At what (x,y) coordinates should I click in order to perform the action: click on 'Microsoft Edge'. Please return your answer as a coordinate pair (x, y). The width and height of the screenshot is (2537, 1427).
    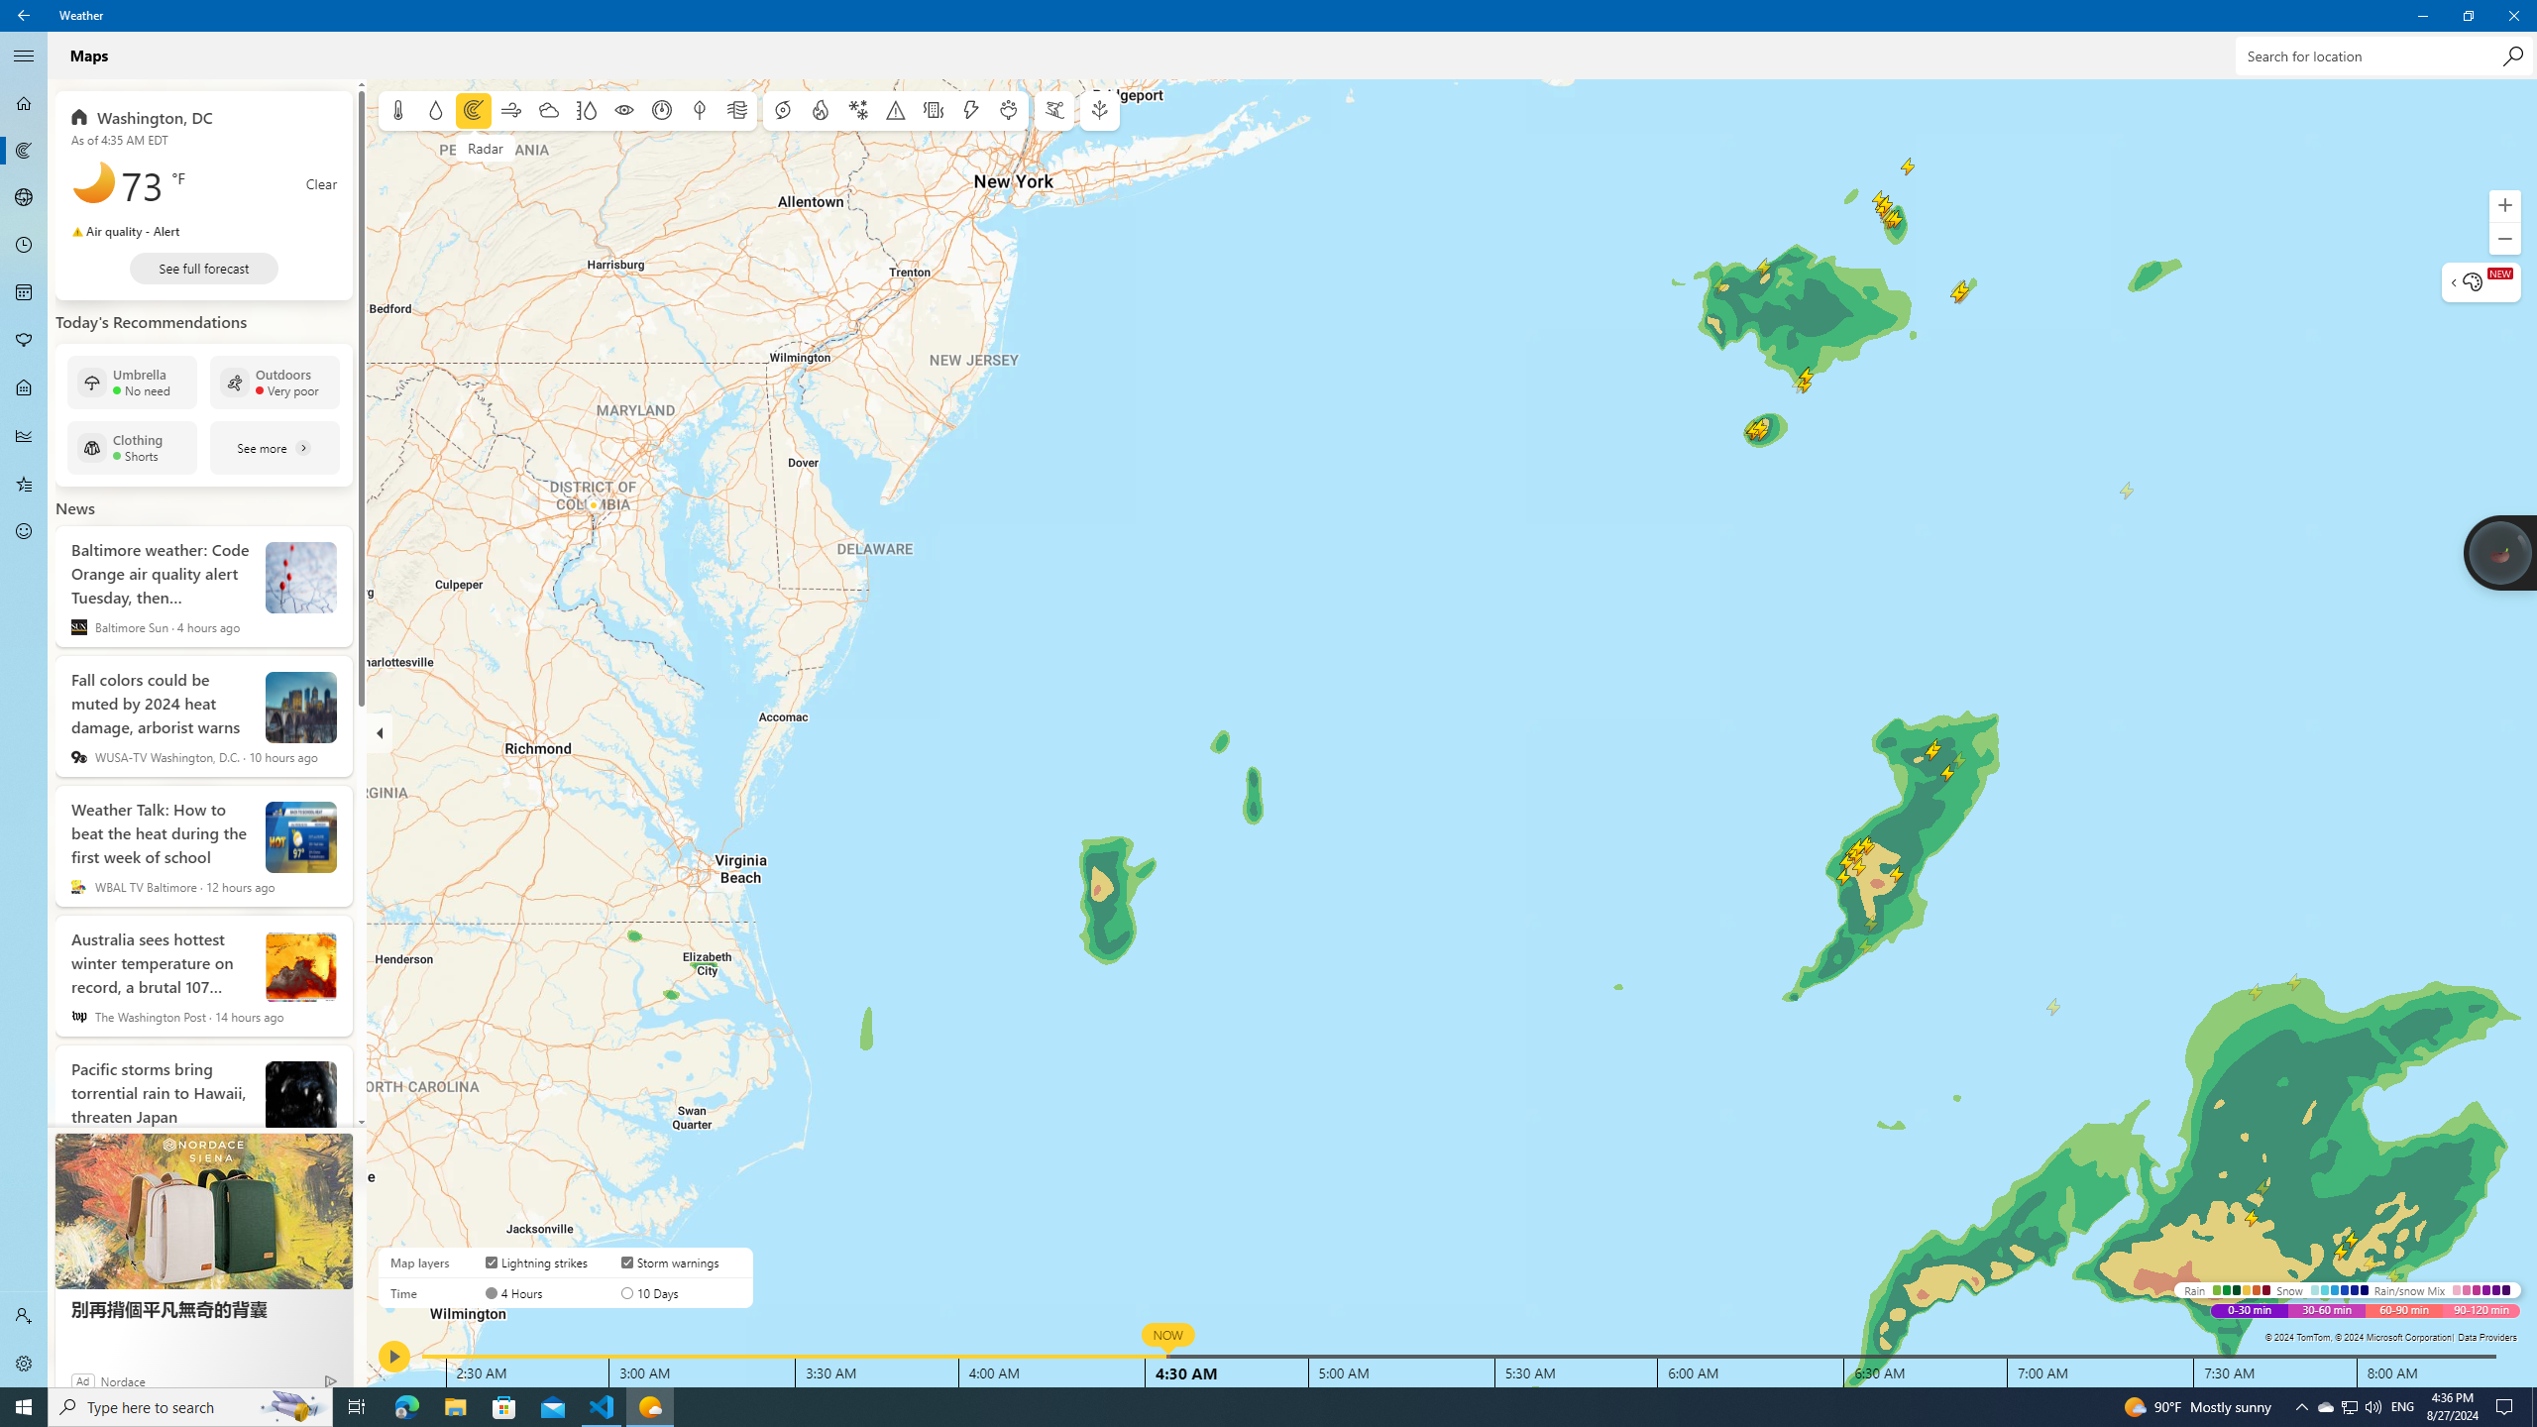
    Looking at the image, I should click on (405, 1405).